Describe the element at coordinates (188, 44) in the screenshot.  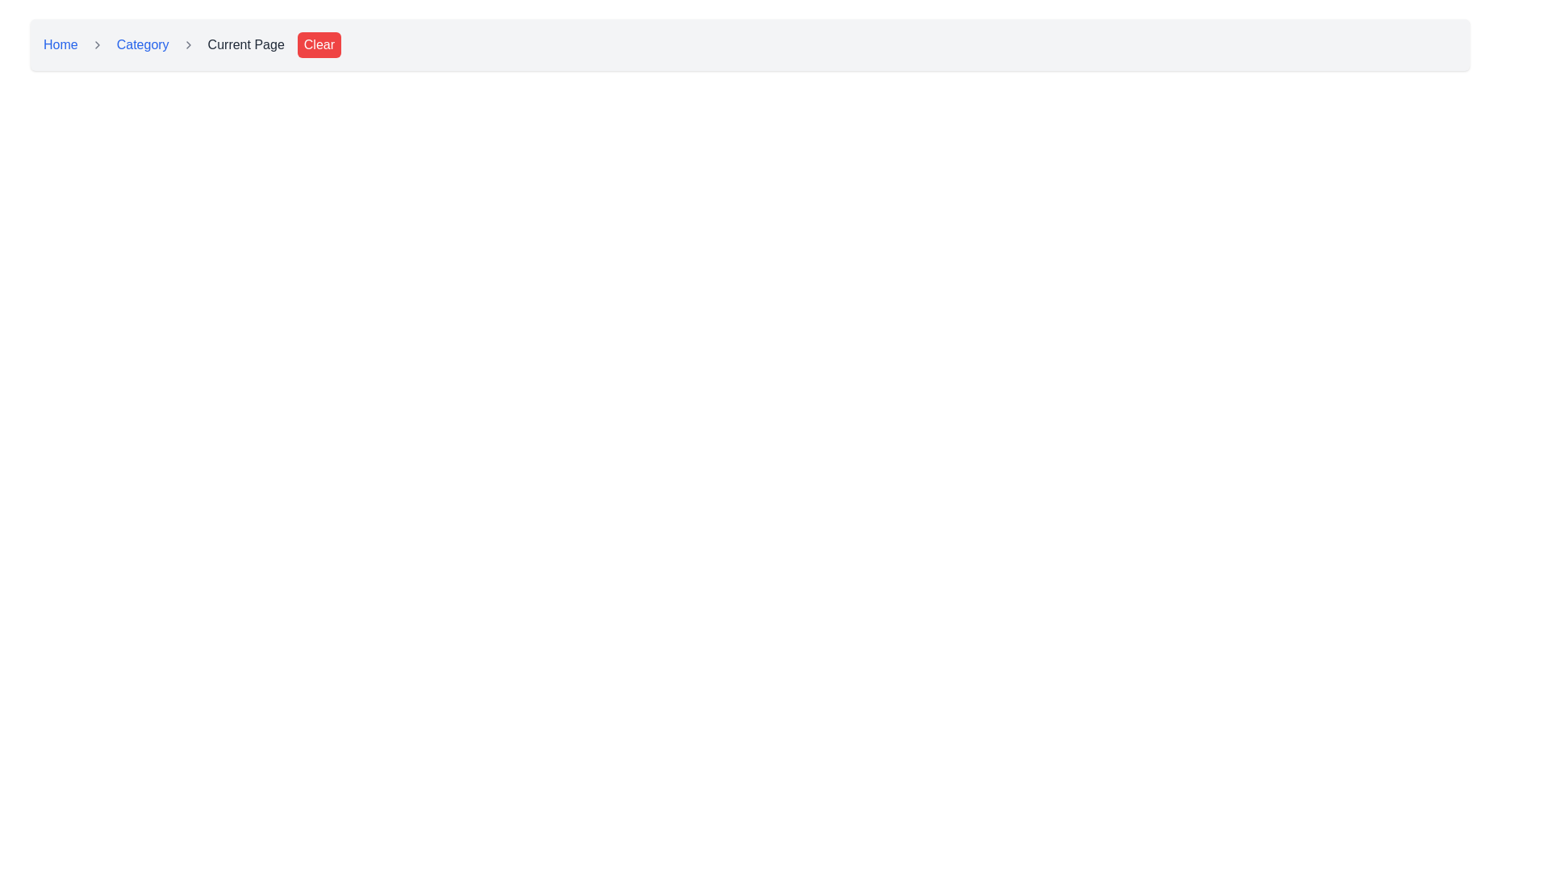
I see `the right-pointing chevron icon located in the breadcrumb navigation between the 'Category' and 'Current Page' labels` at that location.